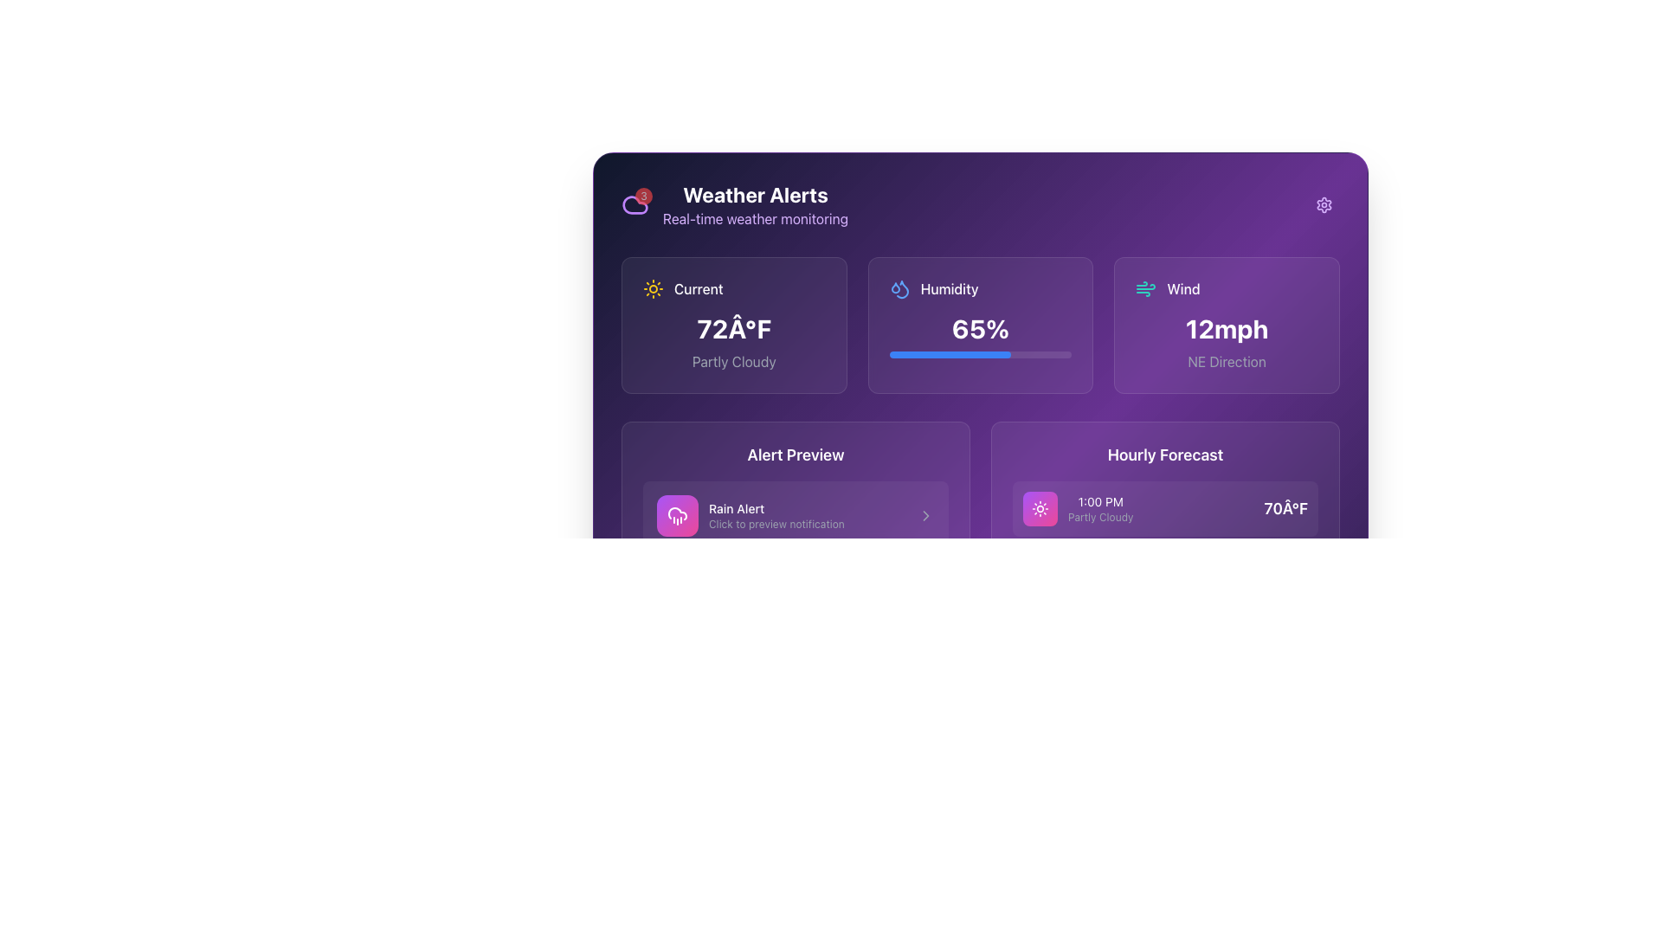 This screenshot has width=1662, height=935. What do you see at coordinates (1182, 288) in the screenshot?
I see `the text label that provides context to the wind speed and direction metric, located in the top-right corner of the weather dashboard, slightly right of the wind icon` at bounding box center [1182, 288].